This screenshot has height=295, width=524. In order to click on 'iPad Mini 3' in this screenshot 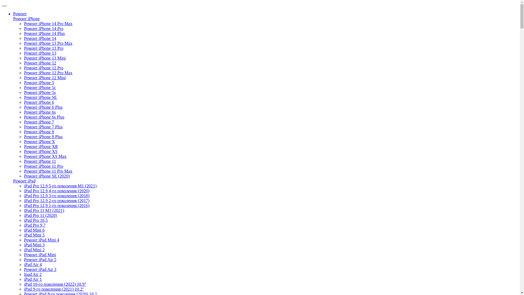, I will do `click(23, 244)`.